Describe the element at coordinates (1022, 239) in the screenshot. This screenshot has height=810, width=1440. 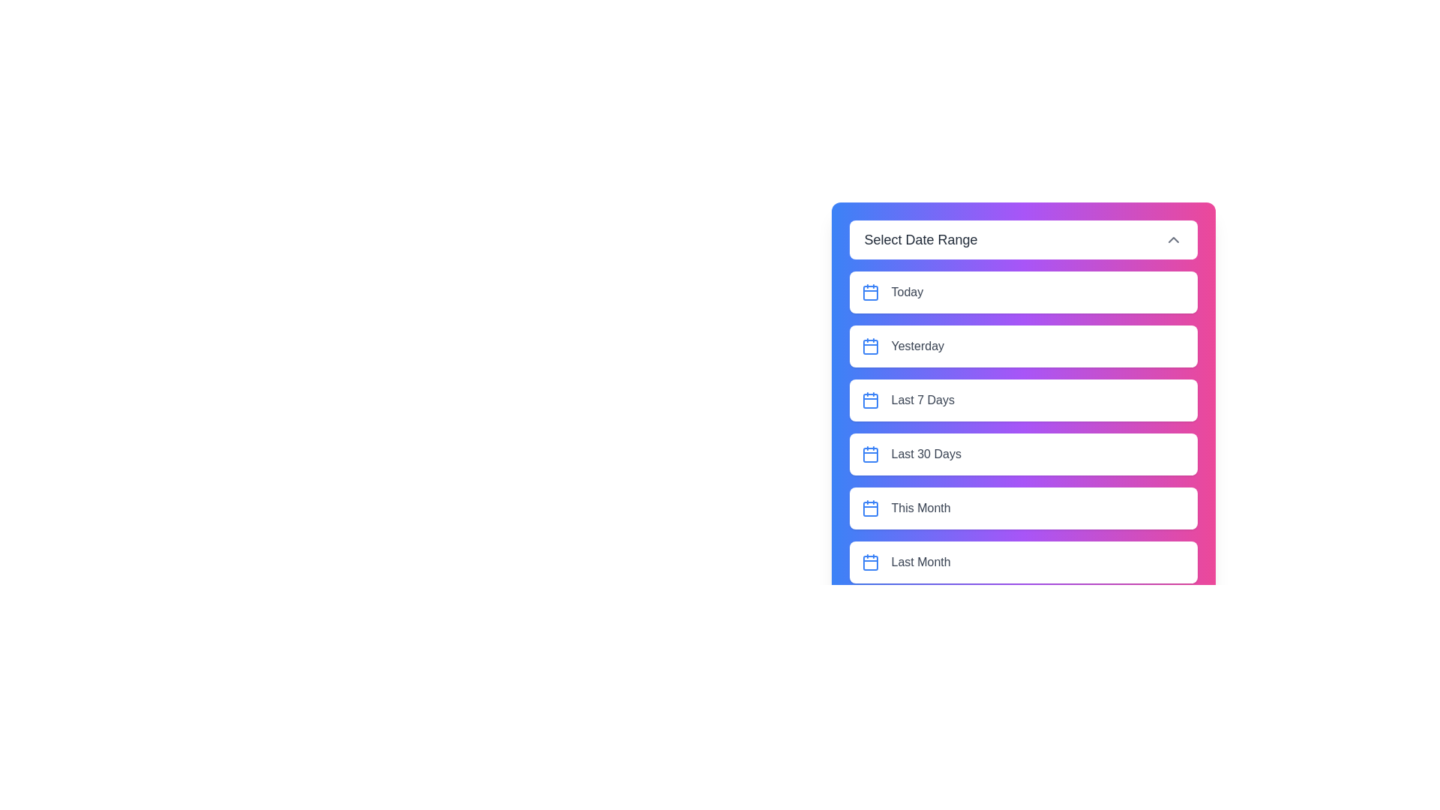
I see `the dropdown button to toggle the menu visibility` at that location.